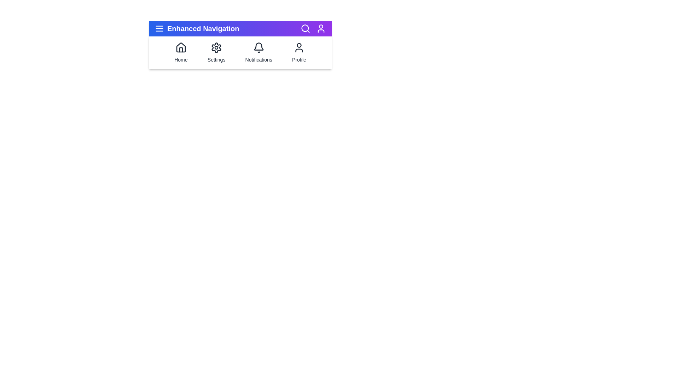 The image size is (679, 382). I want to click on the 'User' icon to access profile-related actions, so click(320, 28).